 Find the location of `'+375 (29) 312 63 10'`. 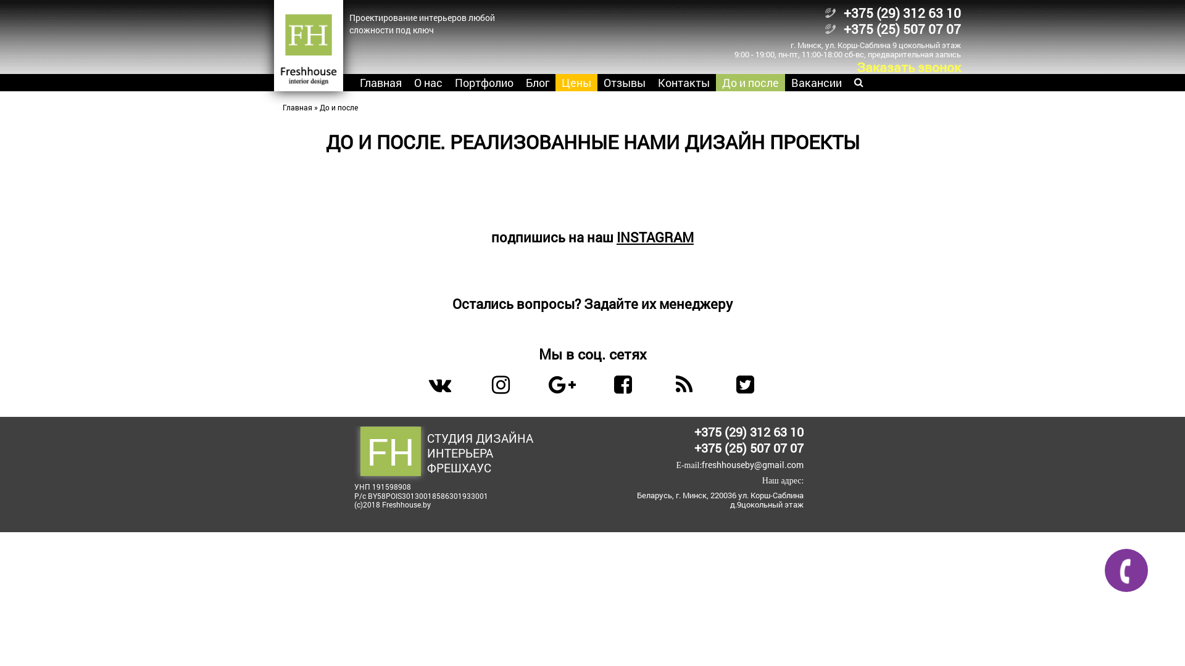

'+375 (29) 312 63 10' is located at coordinates (748, 430).